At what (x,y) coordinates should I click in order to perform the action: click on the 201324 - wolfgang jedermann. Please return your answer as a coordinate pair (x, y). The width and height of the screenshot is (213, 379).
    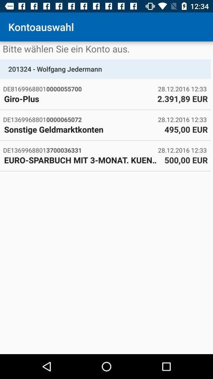
    Looking at the image, I should click on (105, 68).